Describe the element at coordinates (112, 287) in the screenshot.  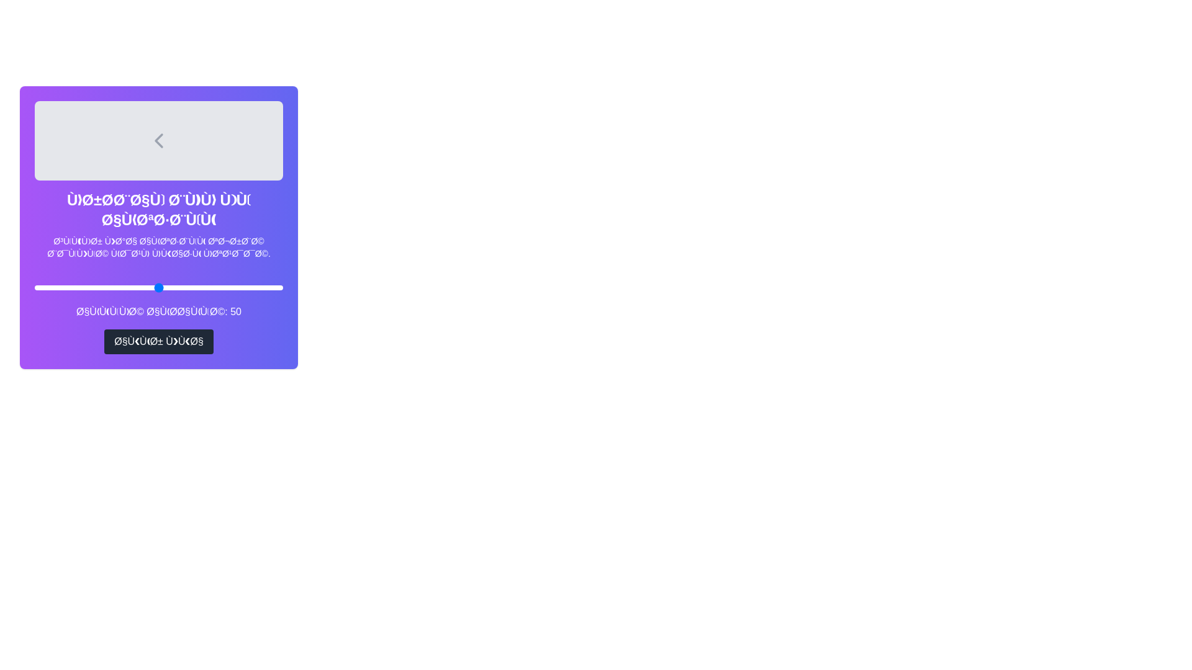
I see `the slider value` at that location.